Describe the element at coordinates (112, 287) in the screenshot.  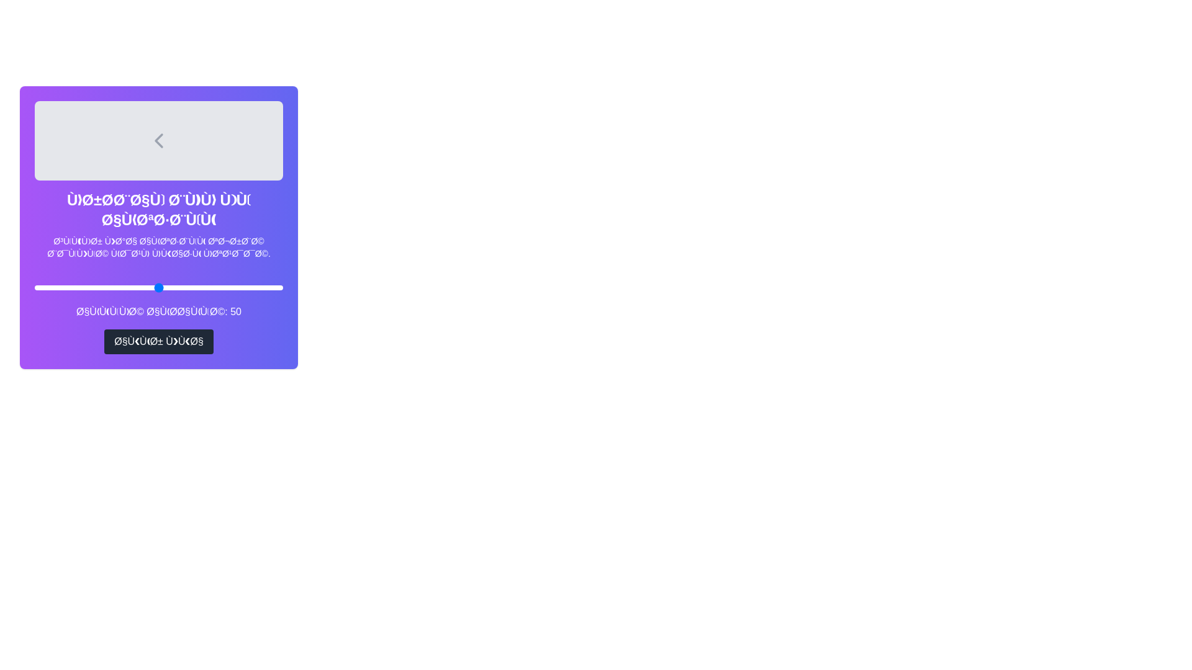
I see `the slider value` at that location.